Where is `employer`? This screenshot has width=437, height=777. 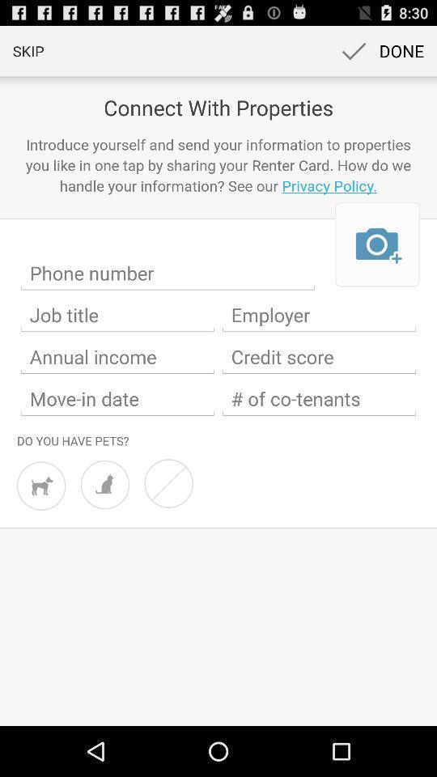 employer is located at coordinates (319, 314).